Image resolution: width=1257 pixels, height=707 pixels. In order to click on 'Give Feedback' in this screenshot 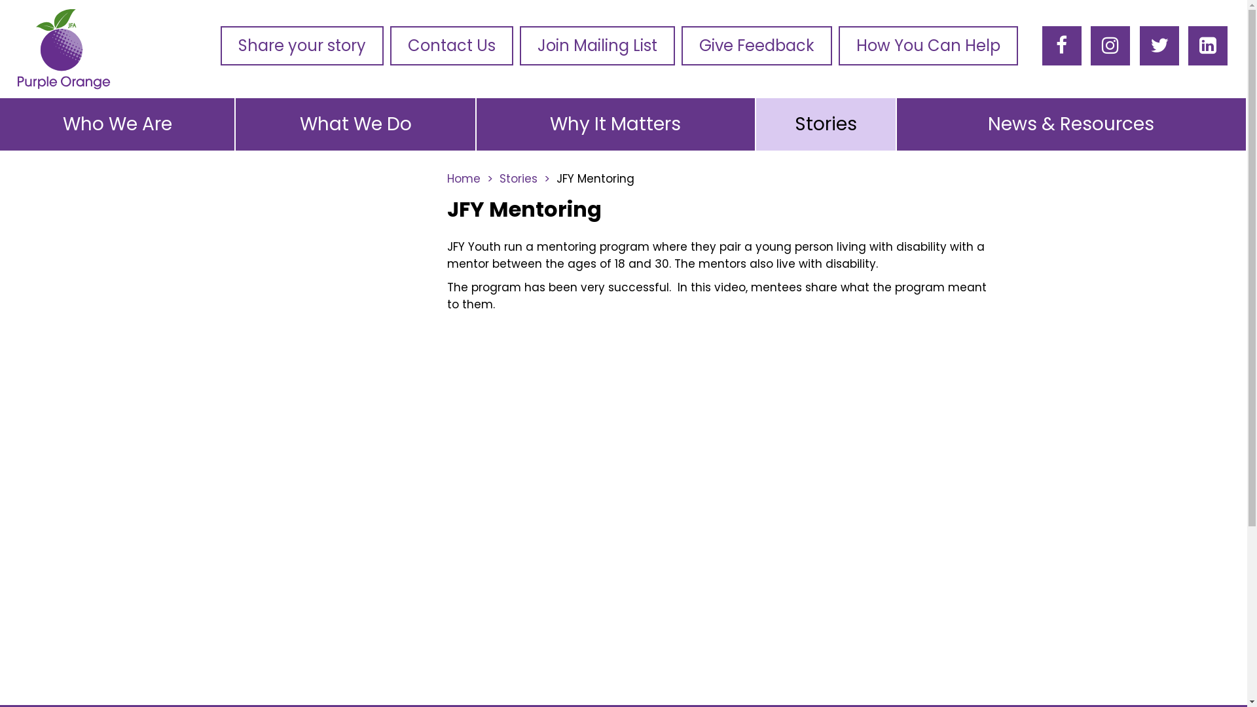, I will do `click(757, 45)`.